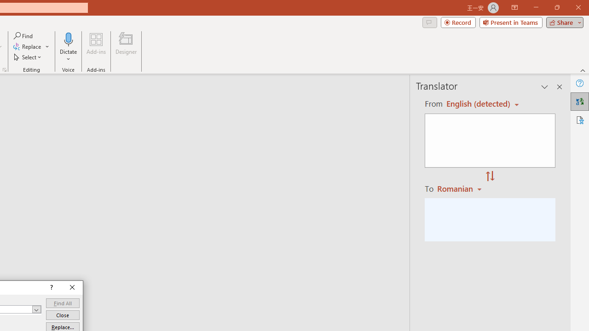 This screenshot has width=589, height=331. What do you see at coordinates (62, 303) in the screenshot?
I see `'Find All'` at bounding box center [62, 303].